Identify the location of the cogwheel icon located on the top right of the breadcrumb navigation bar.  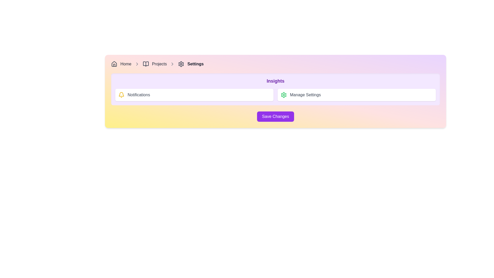
(284, 95).